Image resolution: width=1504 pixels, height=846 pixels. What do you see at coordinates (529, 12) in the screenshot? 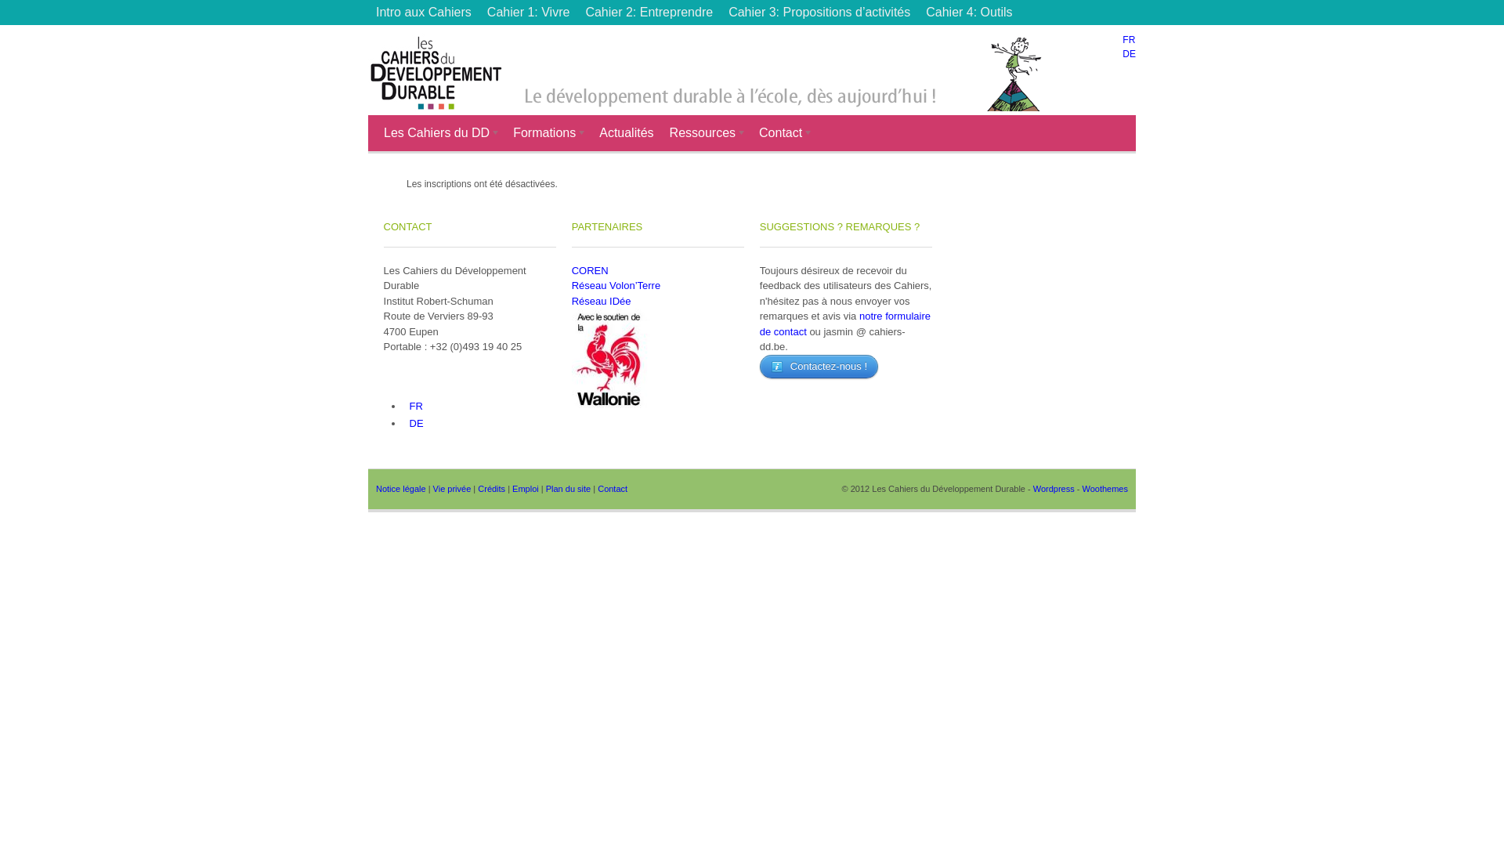
I see `'Cahier 1: Vivre'` at bounding box center [529, 12].